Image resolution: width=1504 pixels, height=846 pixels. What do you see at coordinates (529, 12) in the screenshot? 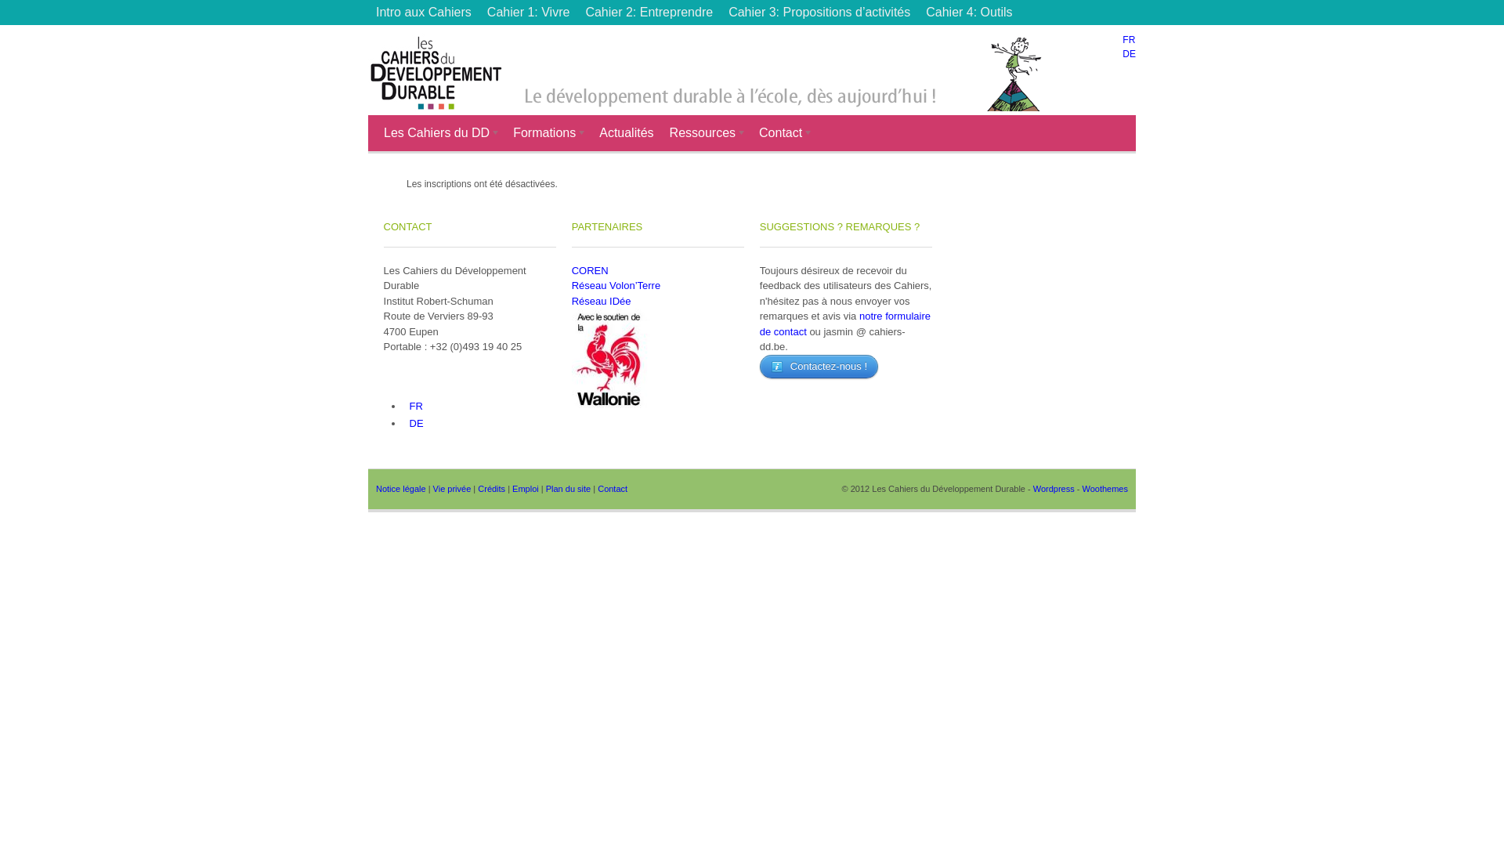
I see `'Cahier 1: Vivre'` at bounding box center [529, 12].